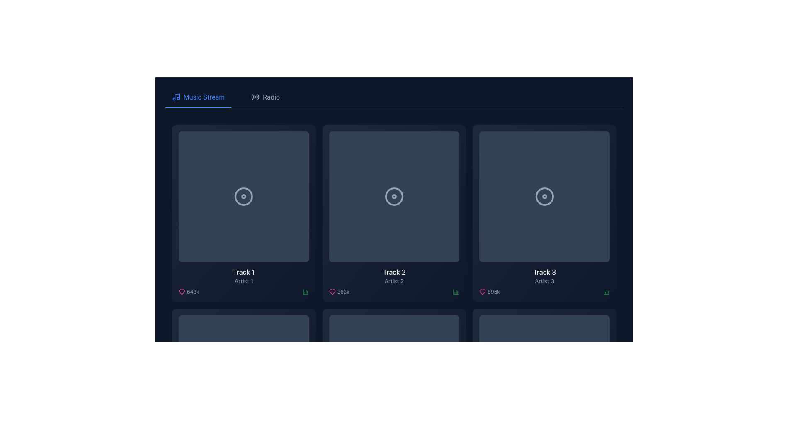 Image resolution: width=796 pixels, height=448 pixels. I want to click on the text label displaying 'Artist 3' in gray font color, located below 'Track 3' and above '896k', so click(544, 280).